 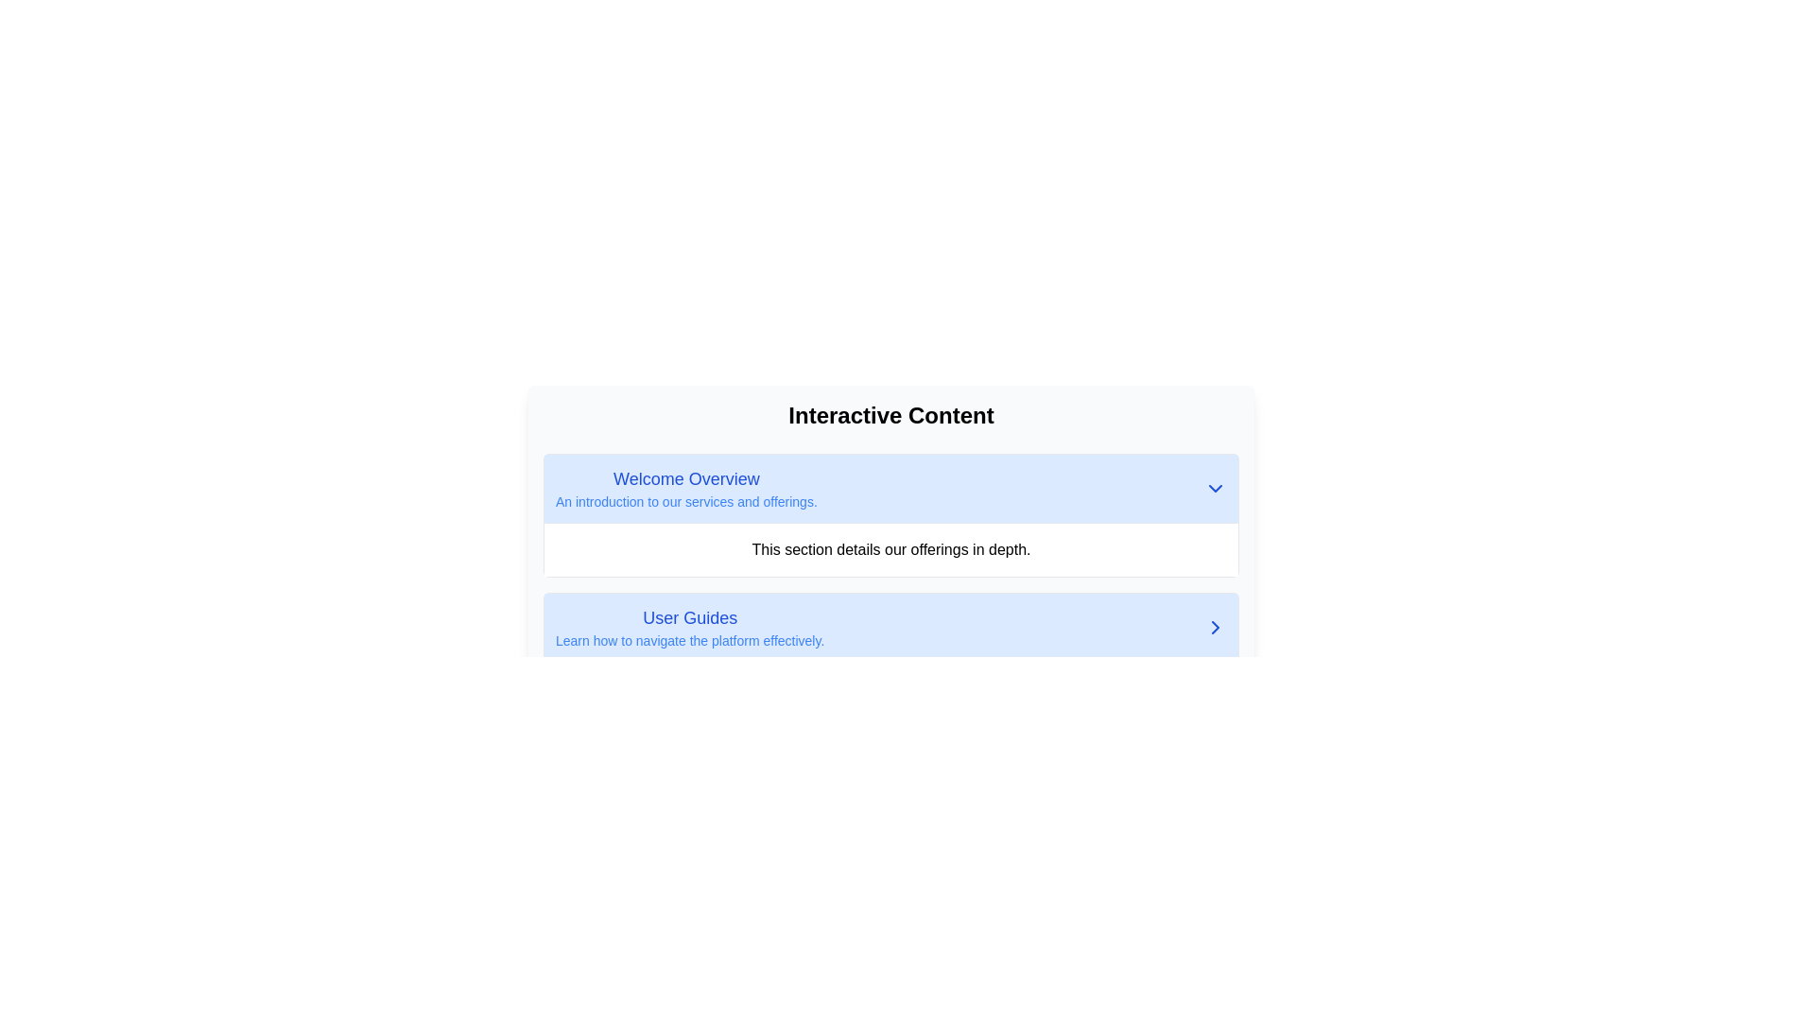 What do you see at coordinates (685, 477) in the screenshot?
I see `the title text label that serves as a heading for the section, positioned above the text 'An introduction to our services and offerings.'` at bounding box center [685, 477].